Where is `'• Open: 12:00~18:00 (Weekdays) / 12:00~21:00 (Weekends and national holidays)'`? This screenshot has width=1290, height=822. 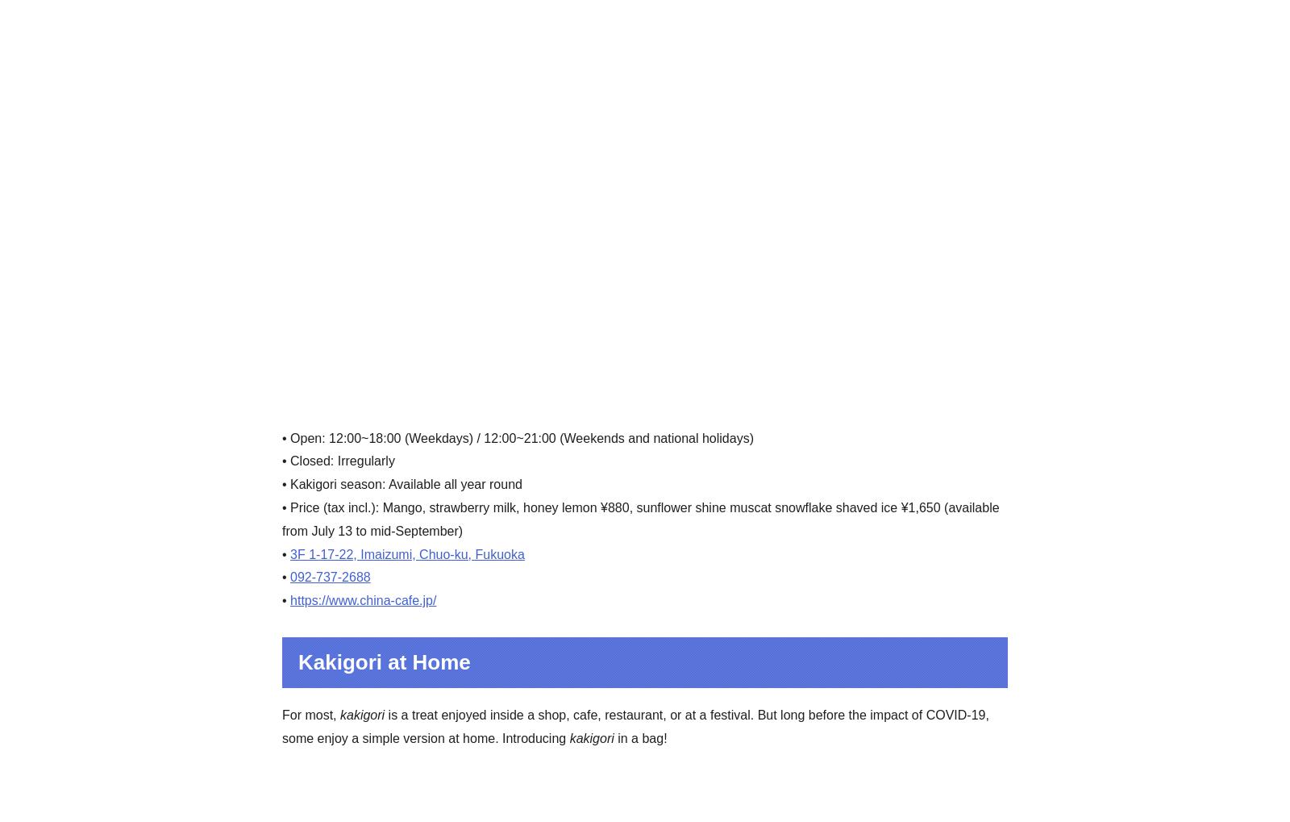 '• Open: 12:00~18:00 (Weekdays) / 12:00~21:00 (Weekends and national holidays)' is located at coordinates (517, 437).